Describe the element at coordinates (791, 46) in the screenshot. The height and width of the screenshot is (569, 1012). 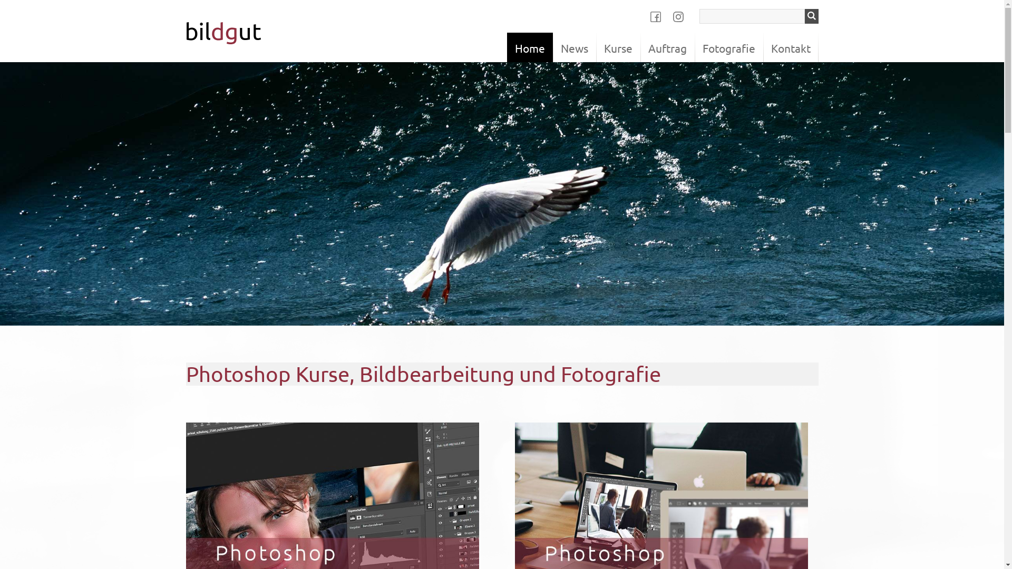
I see `'Kontakt'` at that location.